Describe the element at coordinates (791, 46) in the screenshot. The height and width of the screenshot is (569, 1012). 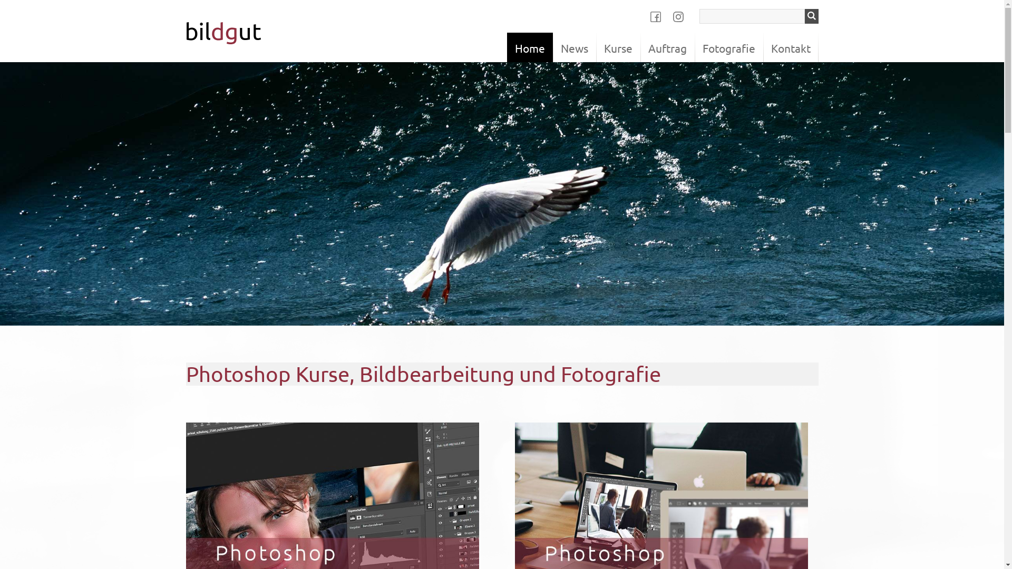
I see `'Kontakt'` at that location.